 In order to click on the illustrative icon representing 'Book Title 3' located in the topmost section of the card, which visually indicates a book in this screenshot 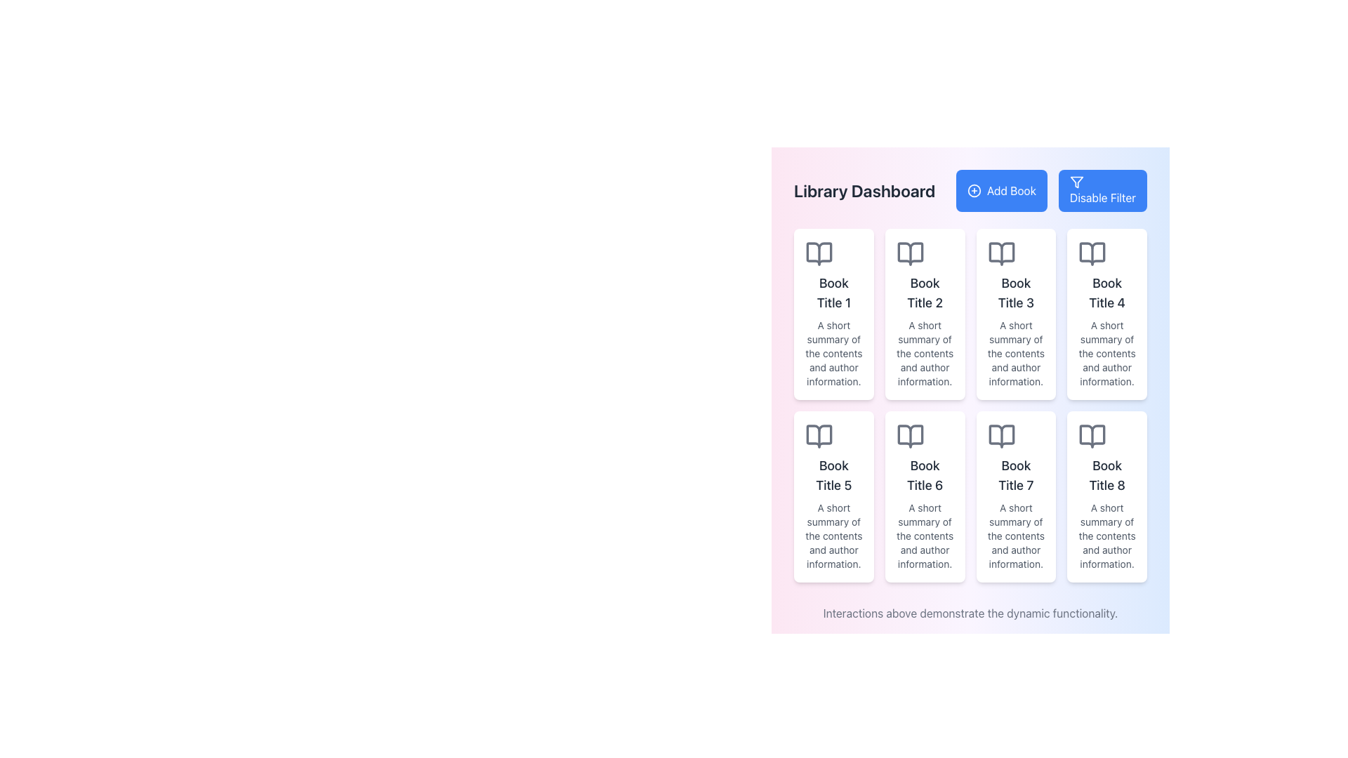, I will do `click(1000, 254)`.